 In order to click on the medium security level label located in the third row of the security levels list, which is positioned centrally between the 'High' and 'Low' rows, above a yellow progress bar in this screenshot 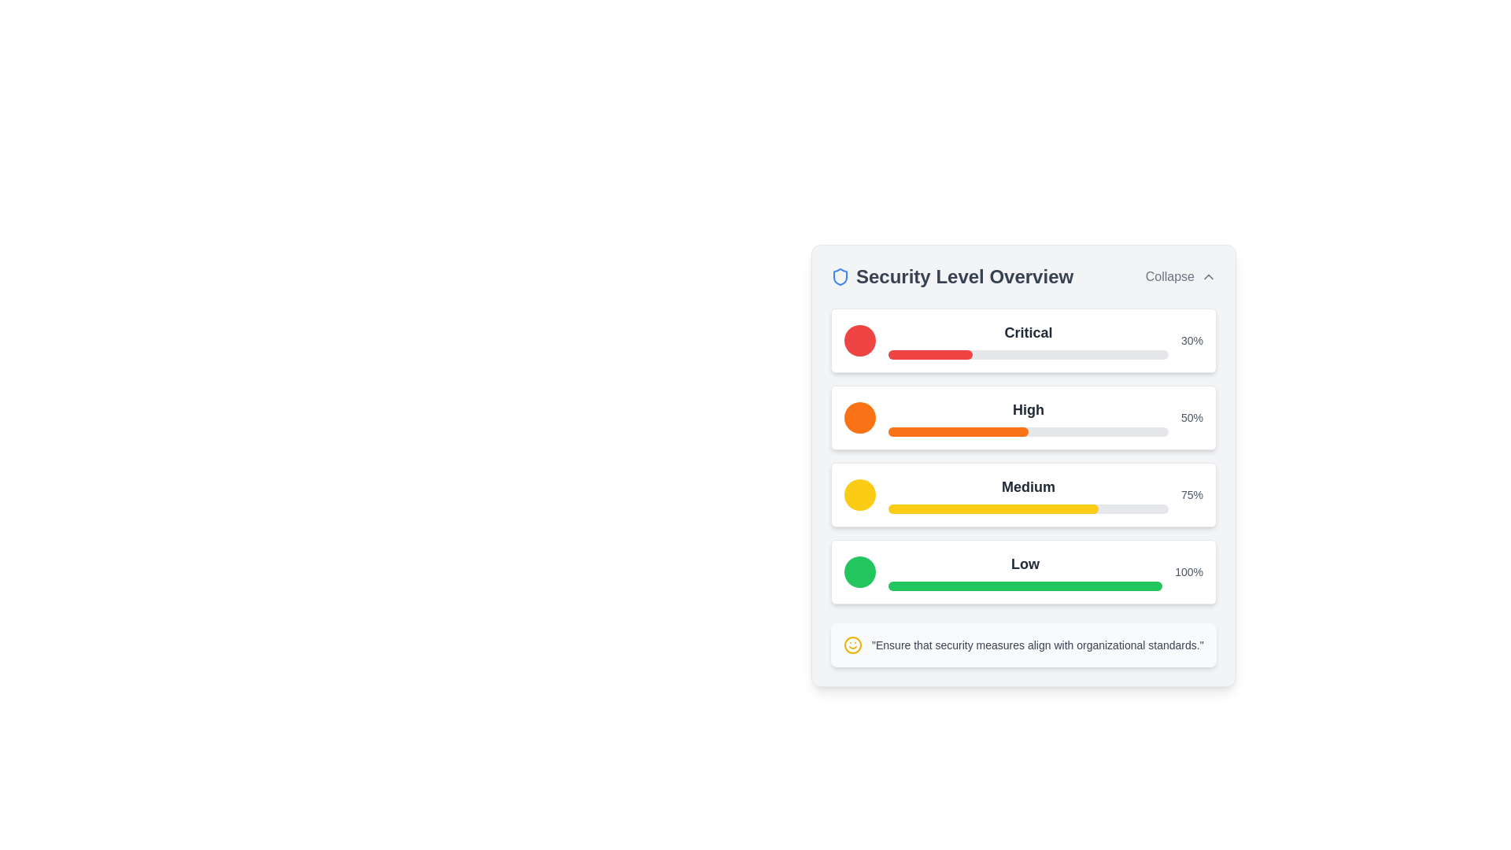, I will do `click(1028, 486)`.